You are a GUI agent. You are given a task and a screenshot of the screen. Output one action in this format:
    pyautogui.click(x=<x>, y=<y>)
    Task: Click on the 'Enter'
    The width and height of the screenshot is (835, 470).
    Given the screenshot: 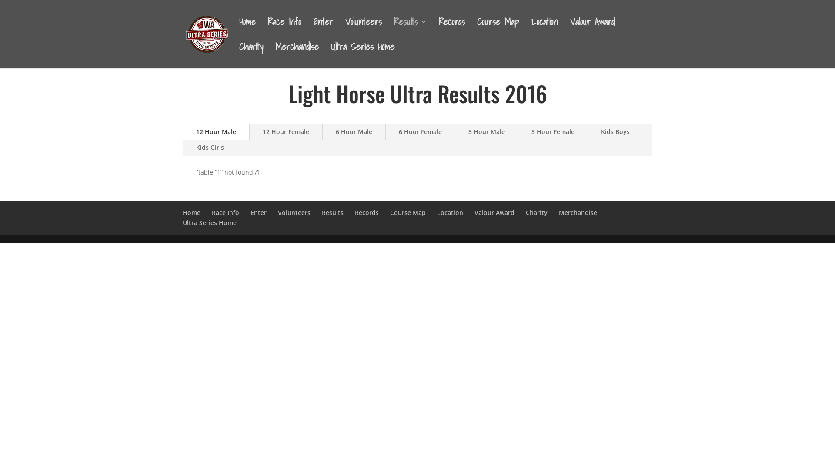 What is the action you would take?
    pyautogui.click(x=313, y=30)
    